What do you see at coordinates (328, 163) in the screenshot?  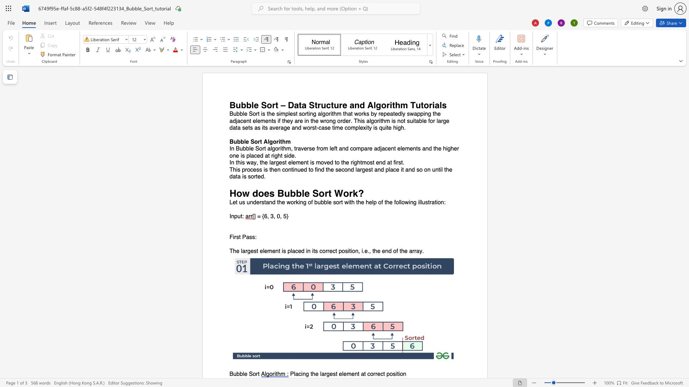 I see `the 6th character "e" in the text` at bounding box center [328, 163].